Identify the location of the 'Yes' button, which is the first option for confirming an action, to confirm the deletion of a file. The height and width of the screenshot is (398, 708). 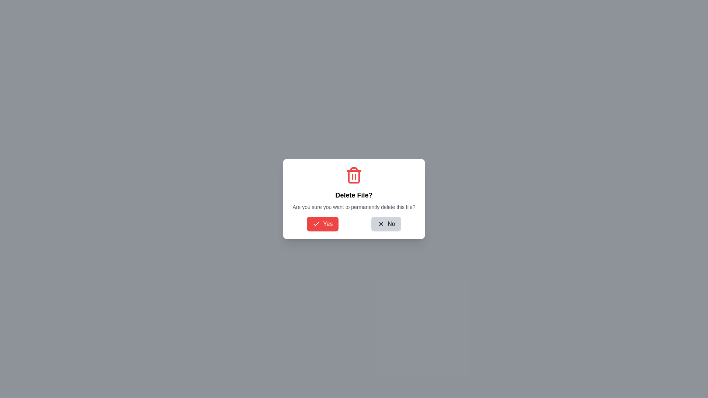
(323, 224).